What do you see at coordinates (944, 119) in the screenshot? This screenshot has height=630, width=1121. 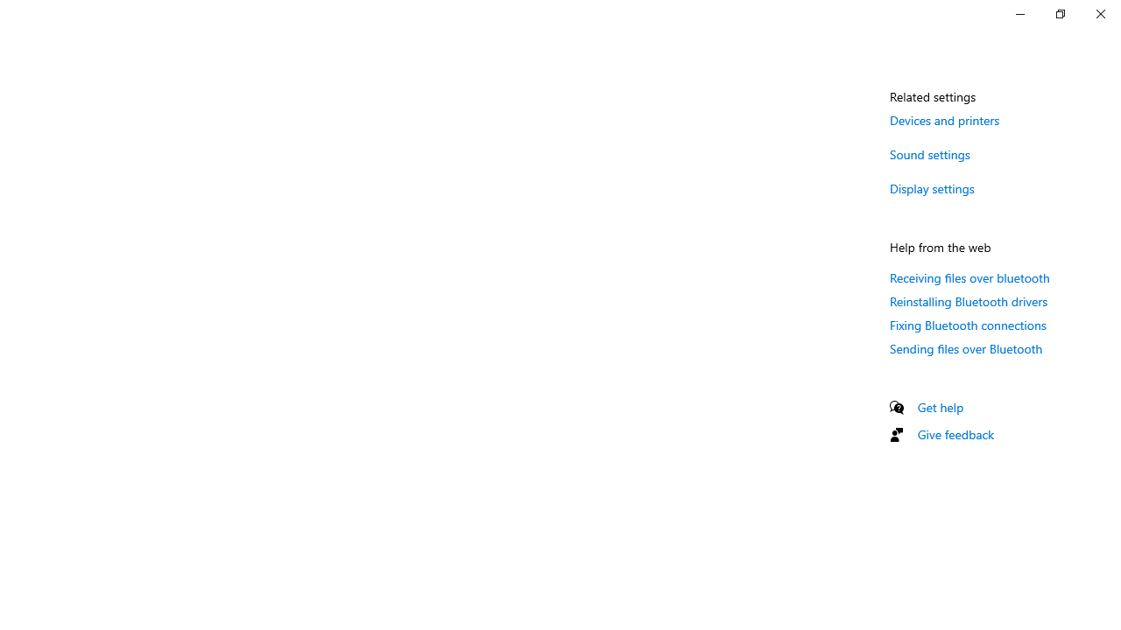 I see `'Devices and printers'` at bounding box center [944, 119].